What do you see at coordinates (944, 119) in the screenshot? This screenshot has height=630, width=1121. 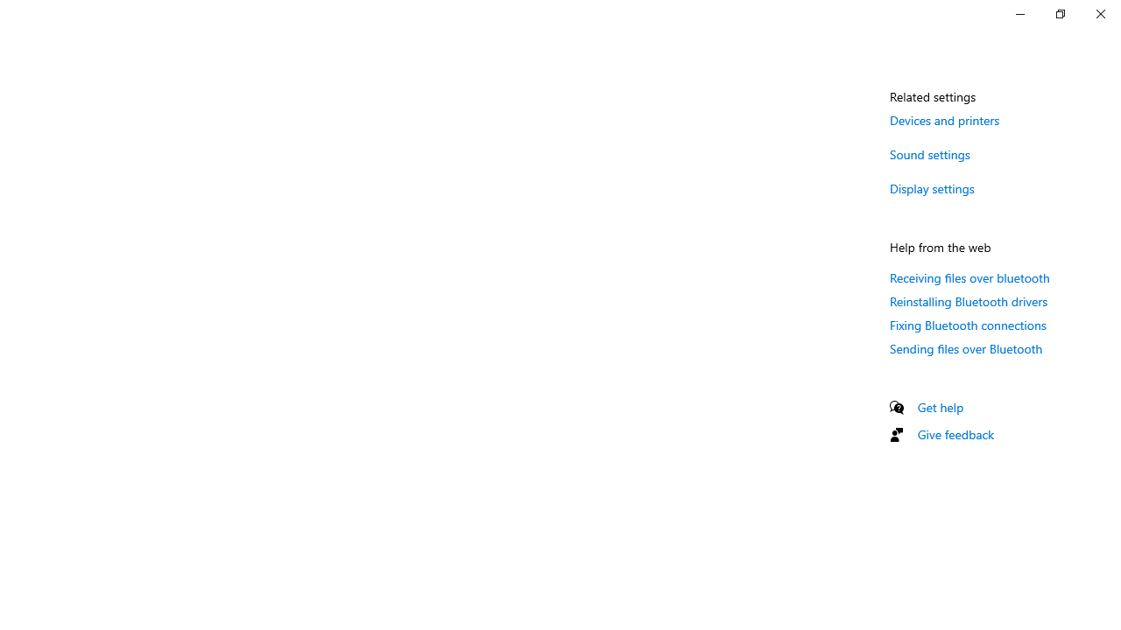 I see `'Devices and printers'` at bounding box center [944, 119].